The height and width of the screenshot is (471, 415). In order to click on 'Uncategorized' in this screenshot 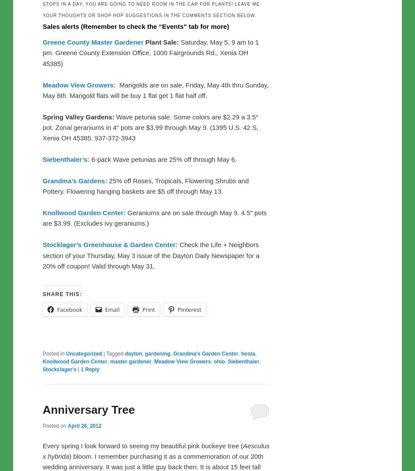, I will do `click(66, 353)`.